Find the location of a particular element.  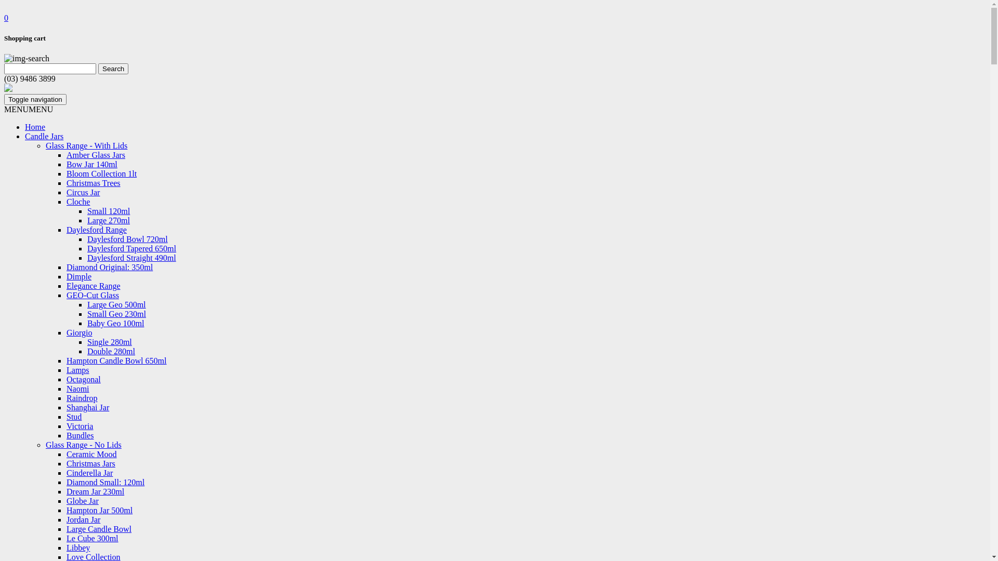

'Daylesford Range' is located at coordinates (97, 229).